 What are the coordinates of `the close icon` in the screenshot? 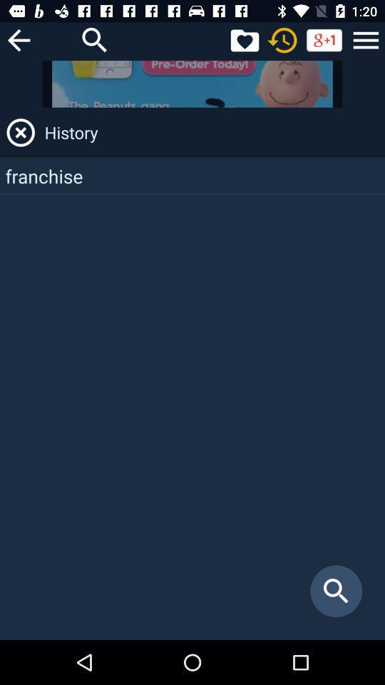 It's located at (20, 132).